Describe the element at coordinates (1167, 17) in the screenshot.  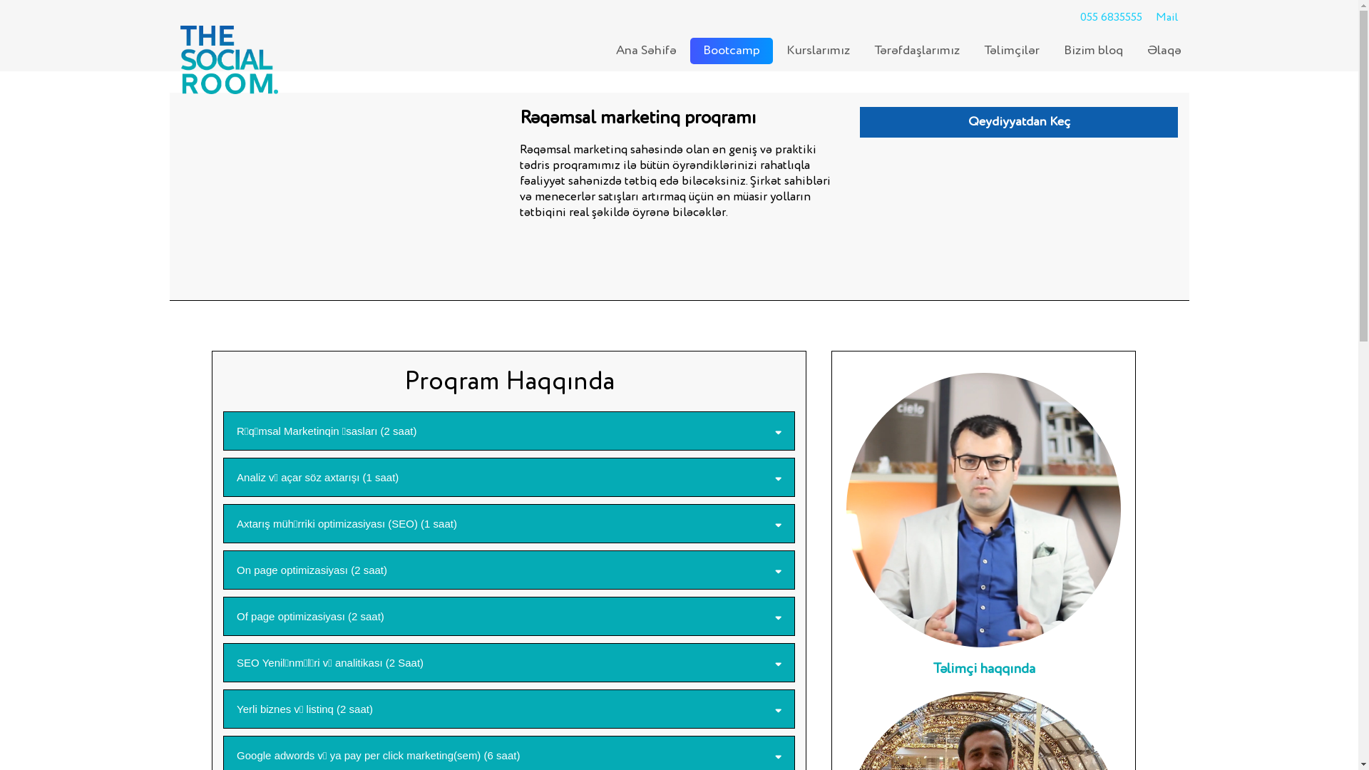
I see `'Mail'` at that location.